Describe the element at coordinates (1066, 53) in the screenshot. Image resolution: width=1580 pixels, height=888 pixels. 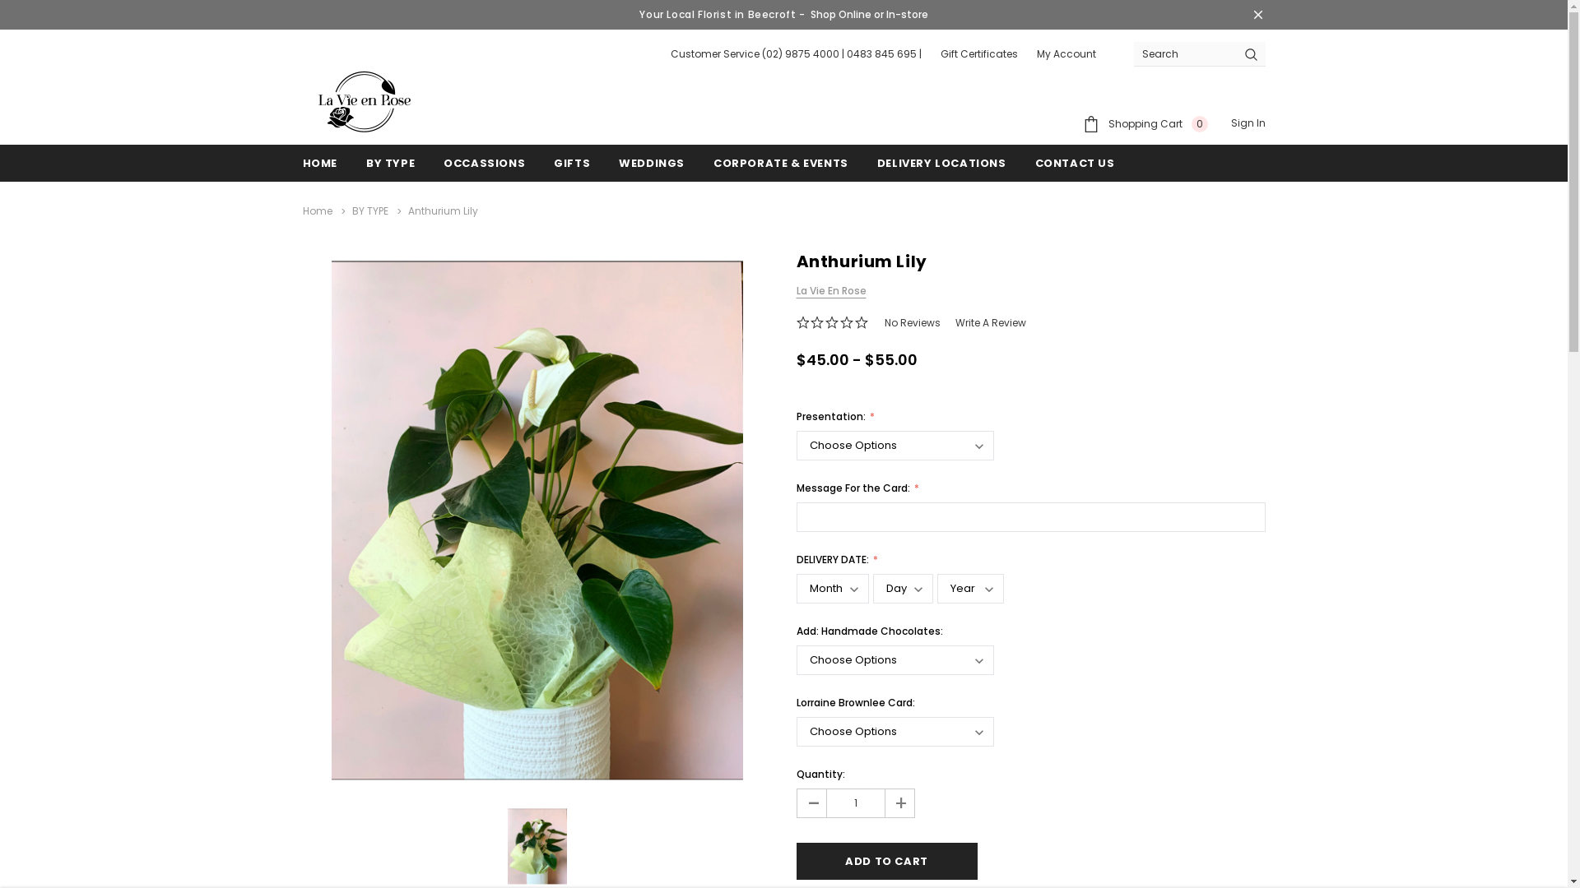
I see `'My Account'` at that location.